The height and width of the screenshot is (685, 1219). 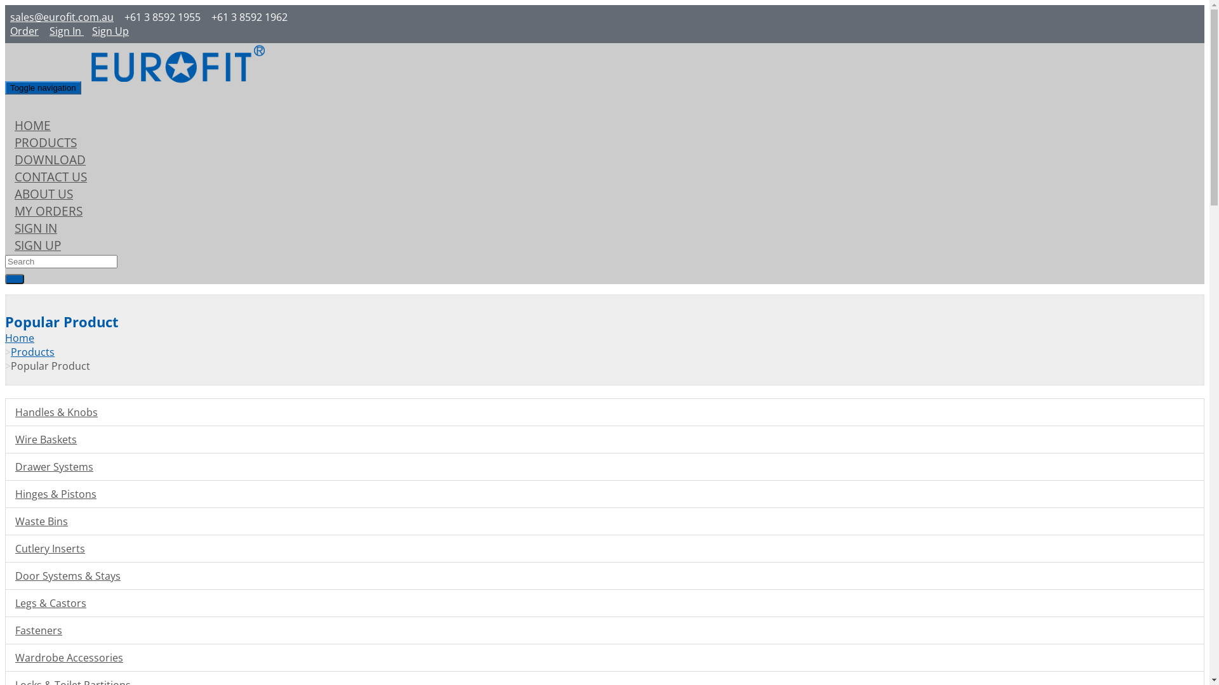 What do you see at coordinates (19, 337) in the screenshot?
I see `'Home'` at bounding box center [19, 337].